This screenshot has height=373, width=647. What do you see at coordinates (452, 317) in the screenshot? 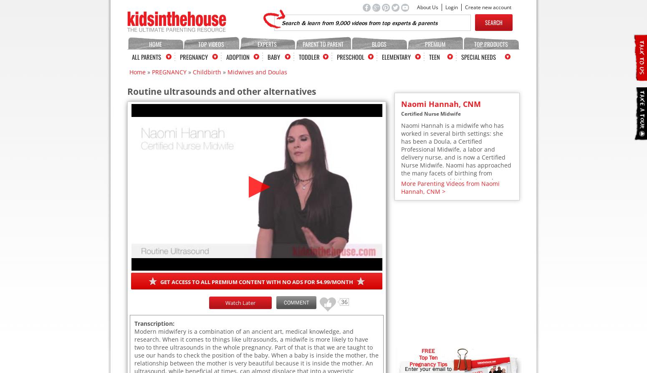
I see `'Home Births and Birthing Centers'` at bounding box center [452, 317].